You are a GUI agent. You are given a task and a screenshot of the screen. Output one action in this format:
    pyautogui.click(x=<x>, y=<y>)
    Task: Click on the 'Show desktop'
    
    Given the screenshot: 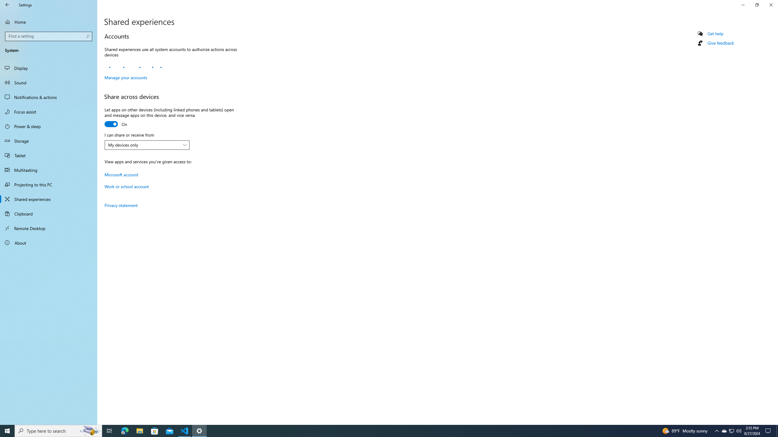 What is the action you would take?
    pyautogui.click(x=777, y=430)
    